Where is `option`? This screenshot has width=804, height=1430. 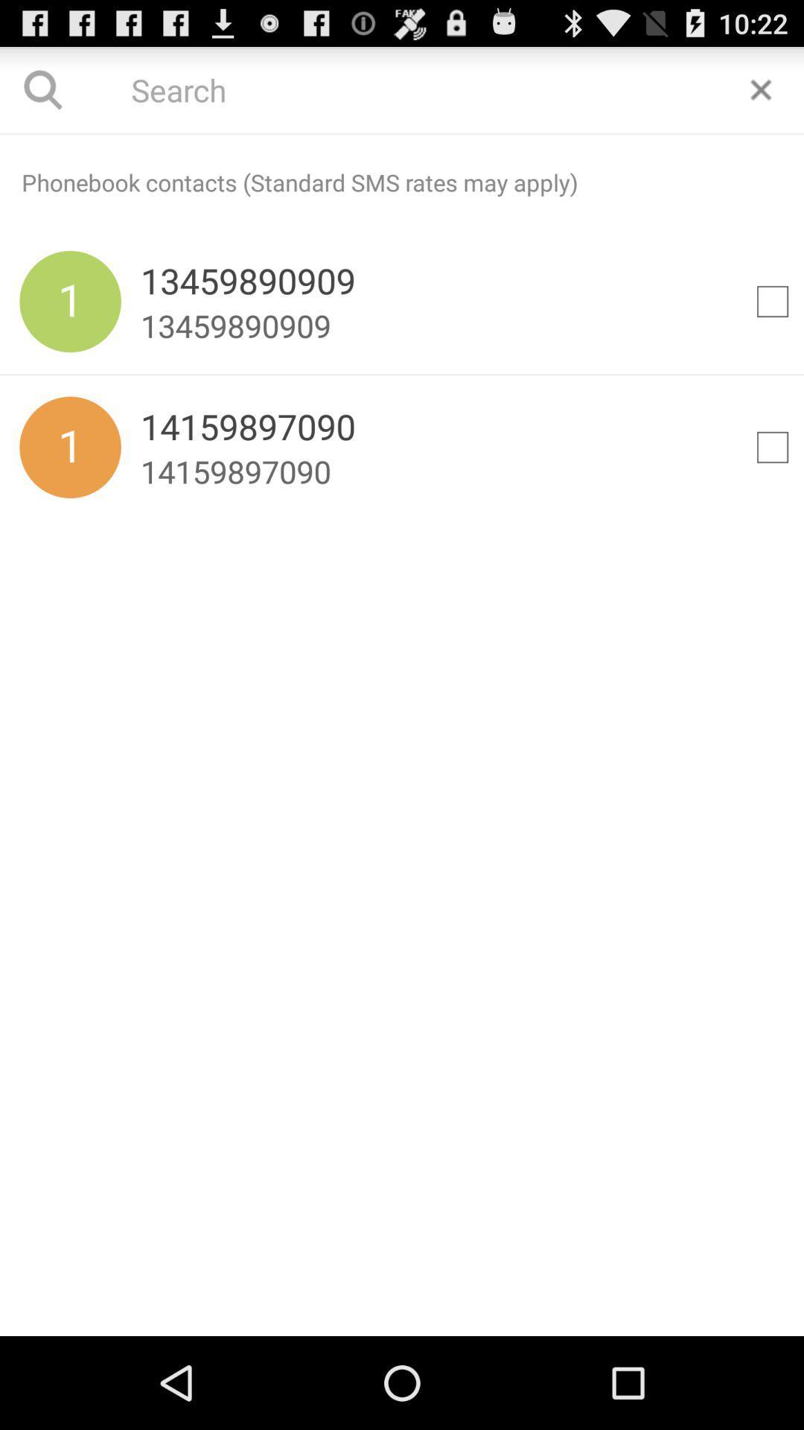 option is located at coordinates (761, 89).